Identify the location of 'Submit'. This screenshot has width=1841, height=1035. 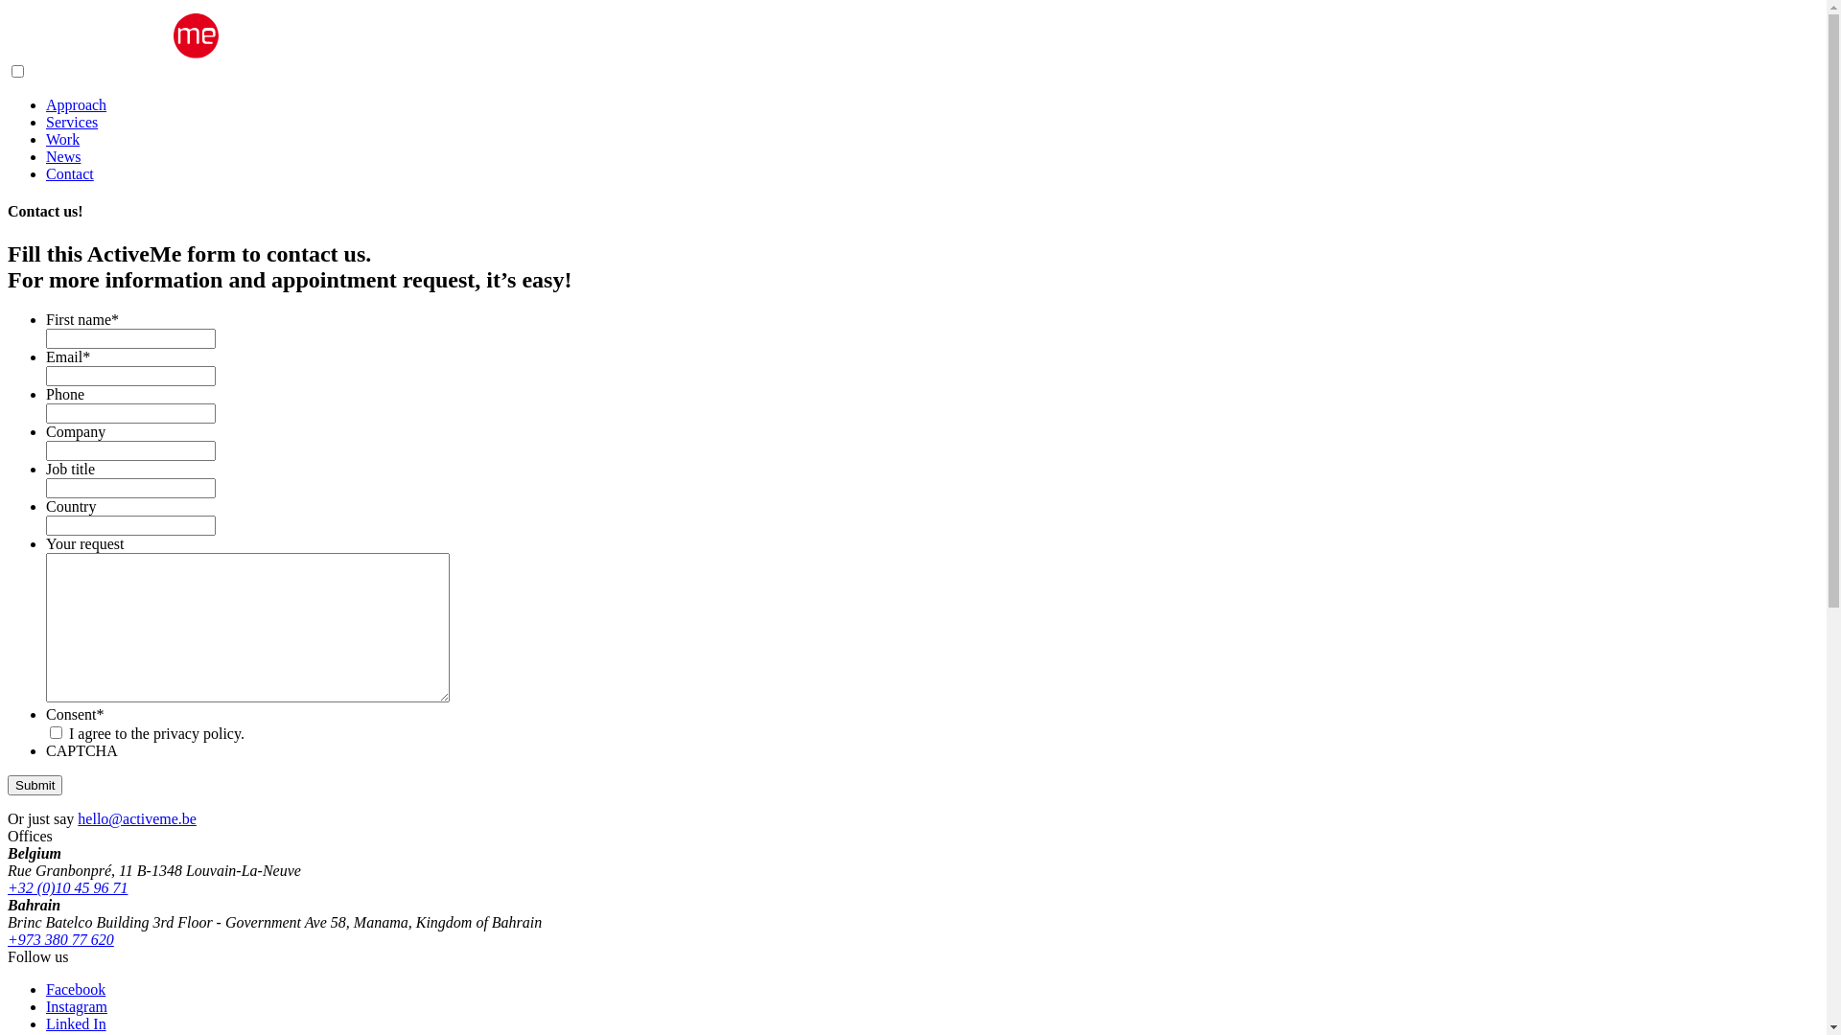
(35, 785).